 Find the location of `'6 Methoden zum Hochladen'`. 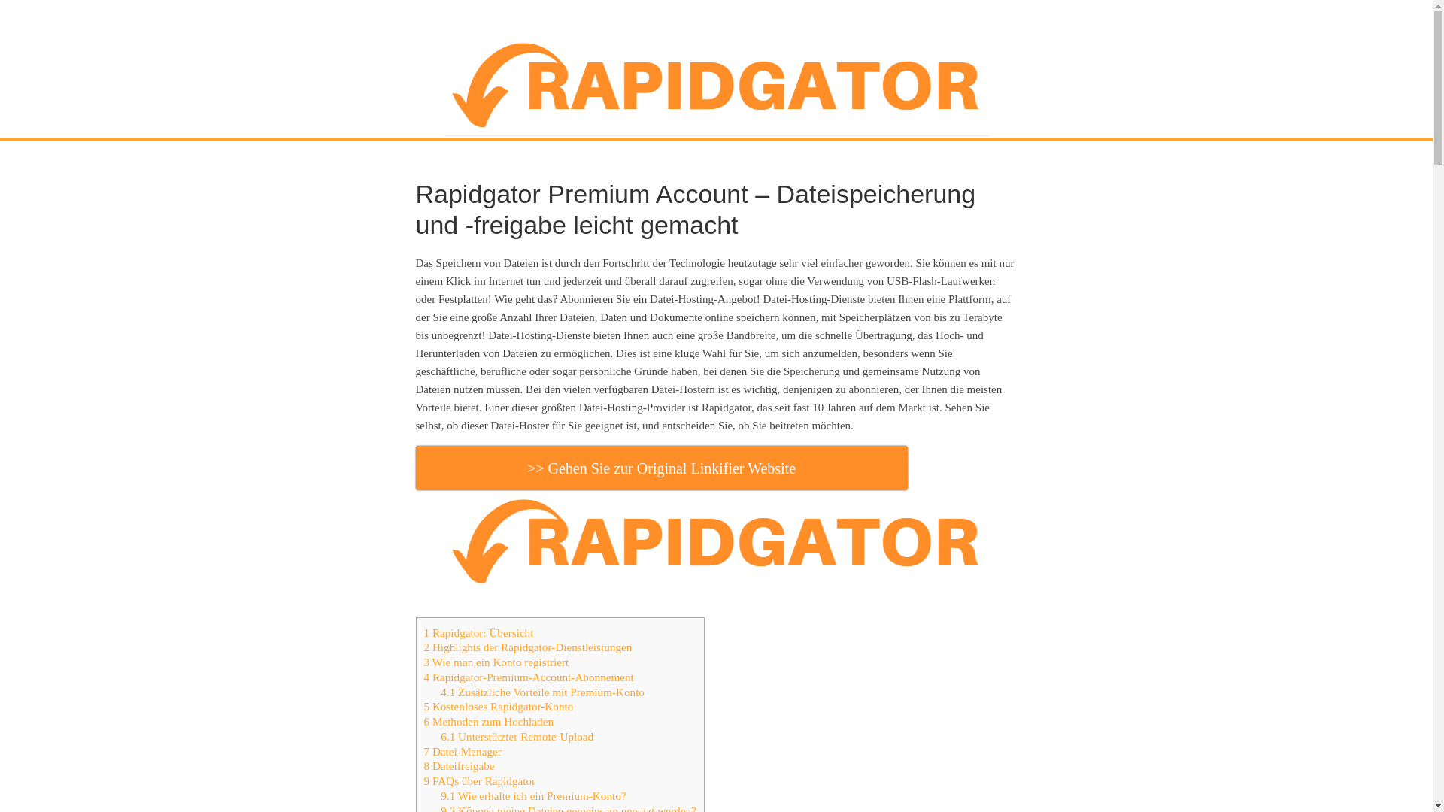

'6 Methoden zum Hochladen' is located at coordinates (489, 720).